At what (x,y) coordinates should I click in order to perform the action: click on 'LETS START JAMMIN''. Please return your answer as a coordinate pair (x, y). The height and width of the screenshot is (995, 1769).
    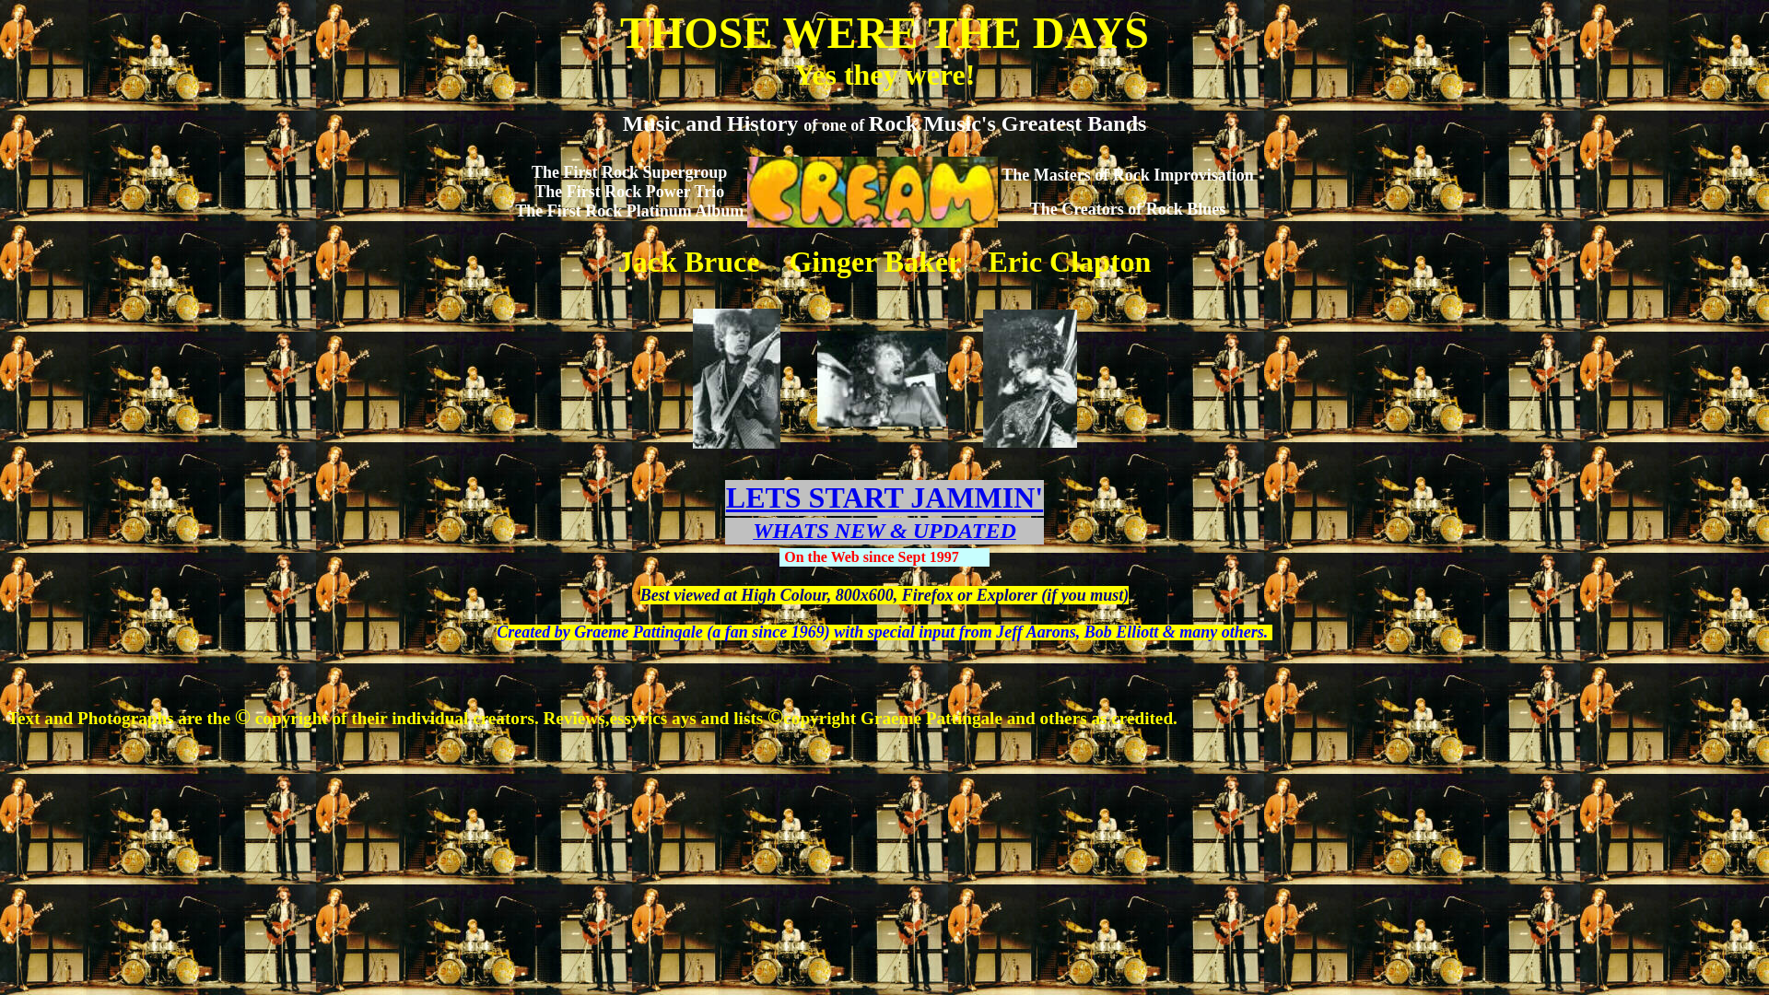
    Looking at the image, I should click on (884, 497).